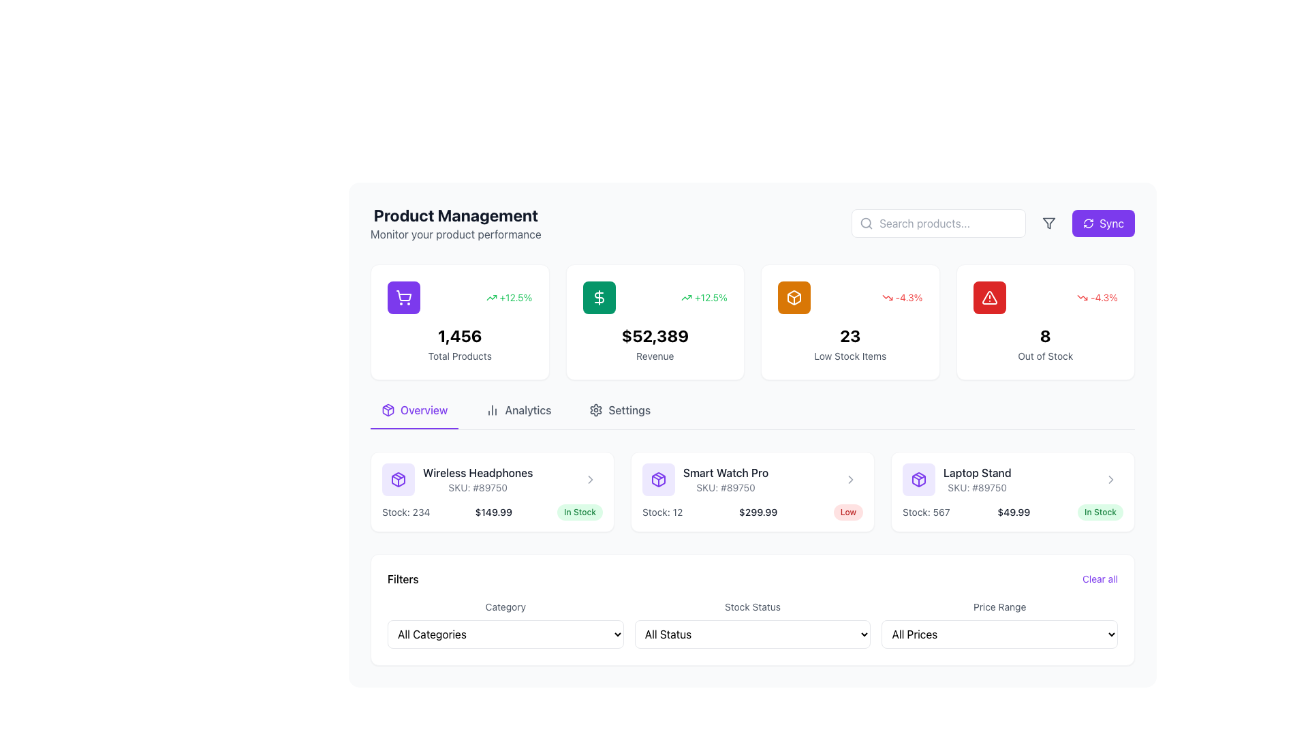  I want to click on the graphical representation of the small upward-trending green arrow icon that is part of the '+12.5%' metric improvement indicator in the second column of the statistics overview section, so click(687, 296).